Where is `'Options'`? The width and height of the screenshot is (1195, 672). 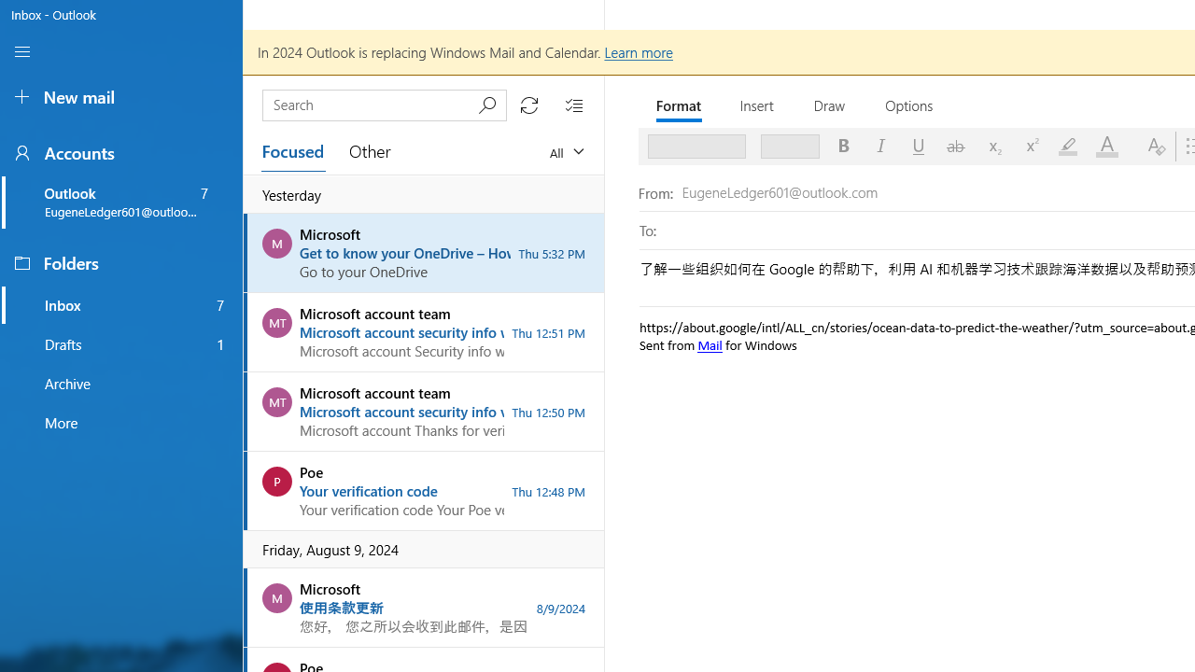
'Options' is located at coordinates (909, 105).